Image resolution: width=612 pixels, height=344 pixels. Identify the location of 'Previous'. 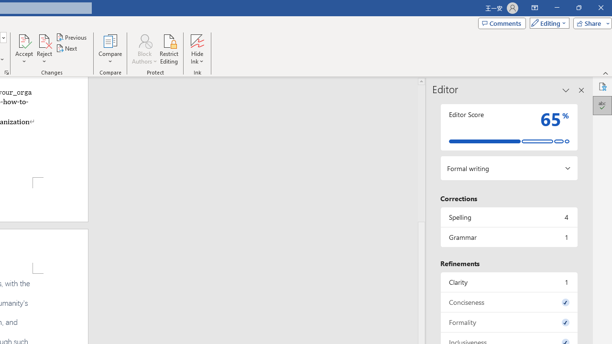
(72, 37).